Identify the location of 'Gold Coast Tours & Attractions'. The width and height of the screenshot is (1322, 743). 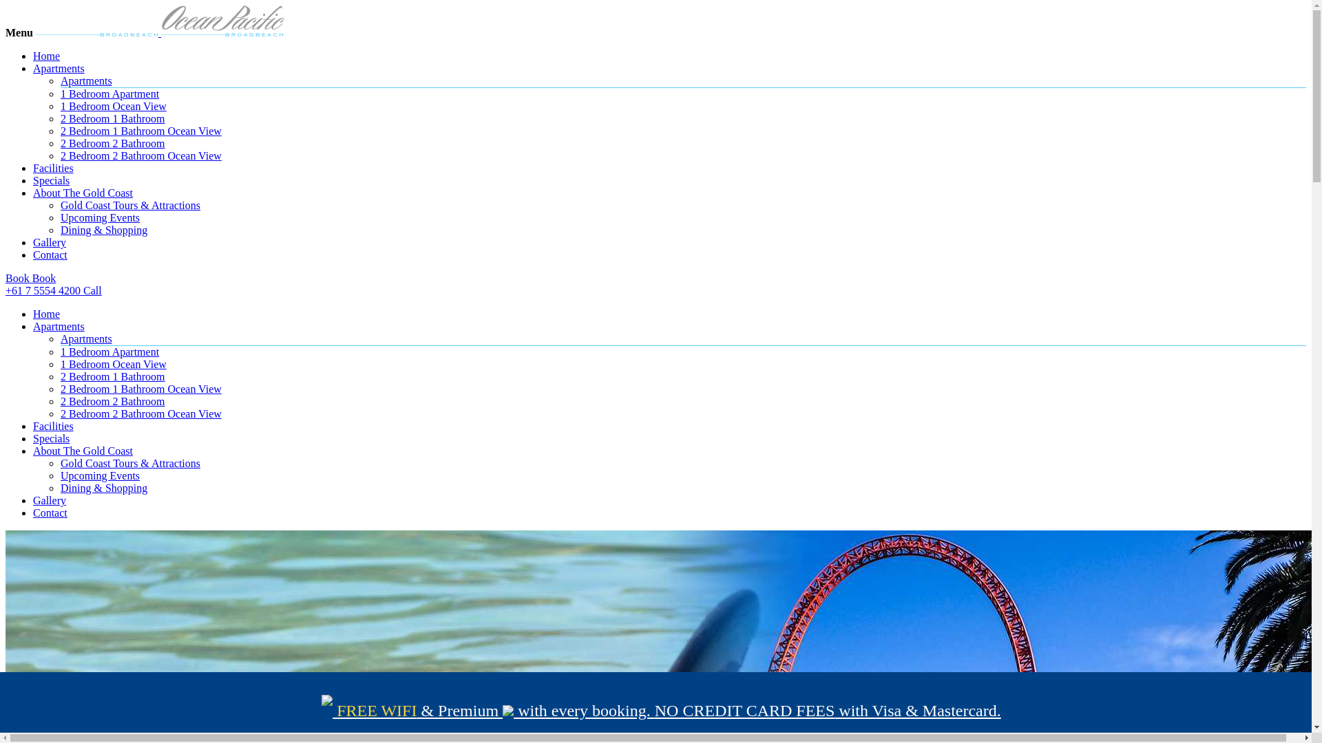
(130, 205).